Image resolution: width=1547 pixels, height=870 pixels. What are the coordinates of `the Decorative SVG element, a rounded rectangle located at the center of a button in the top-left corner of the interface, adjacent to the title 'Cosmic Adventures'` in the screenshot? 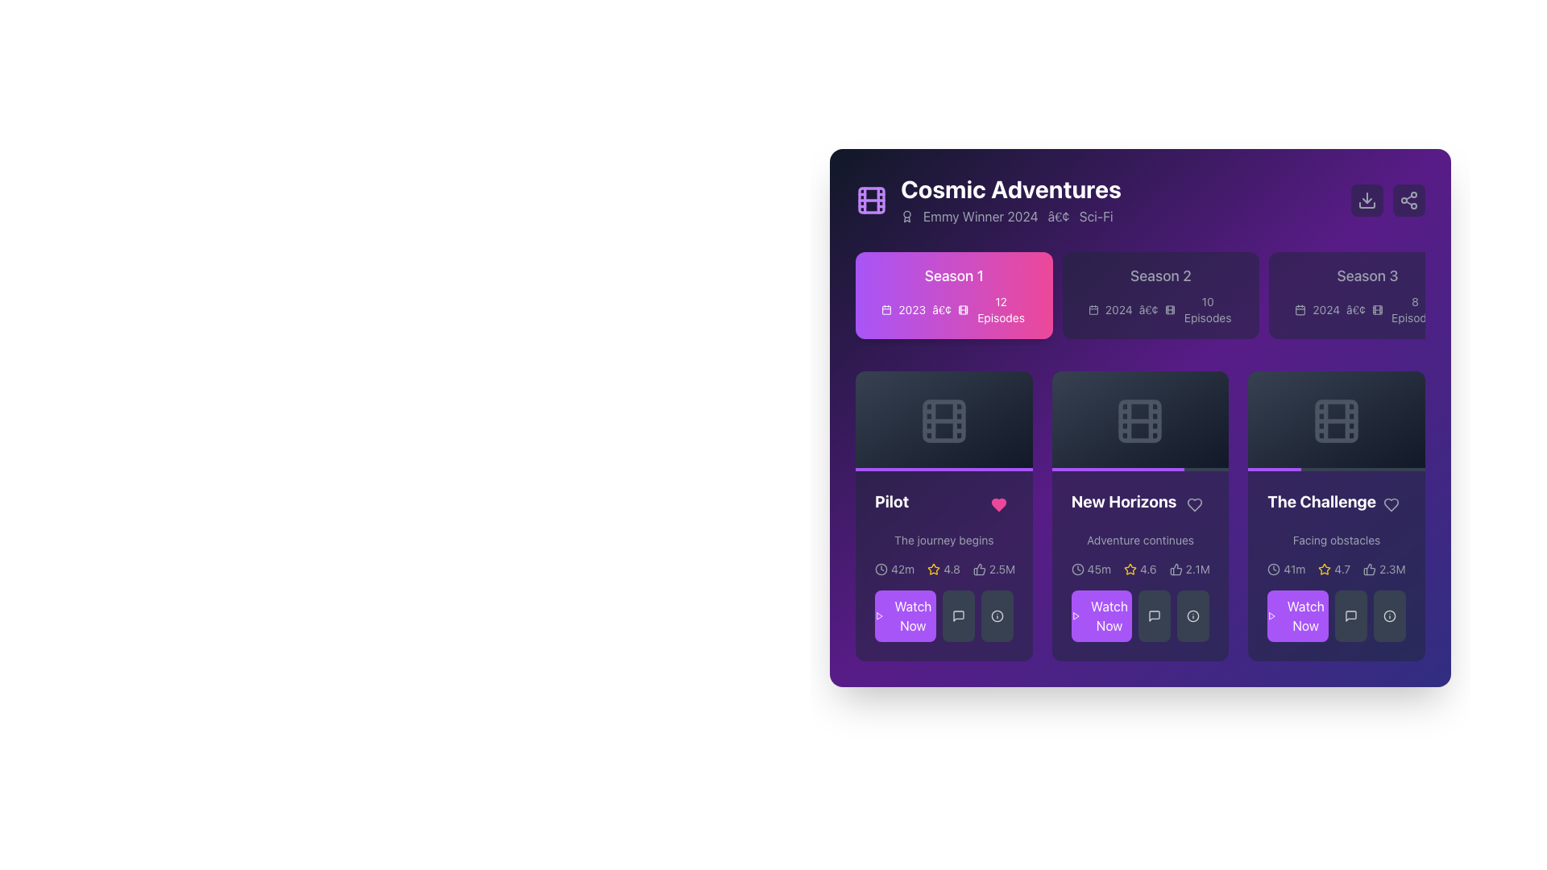 It's located at (1170, 310).